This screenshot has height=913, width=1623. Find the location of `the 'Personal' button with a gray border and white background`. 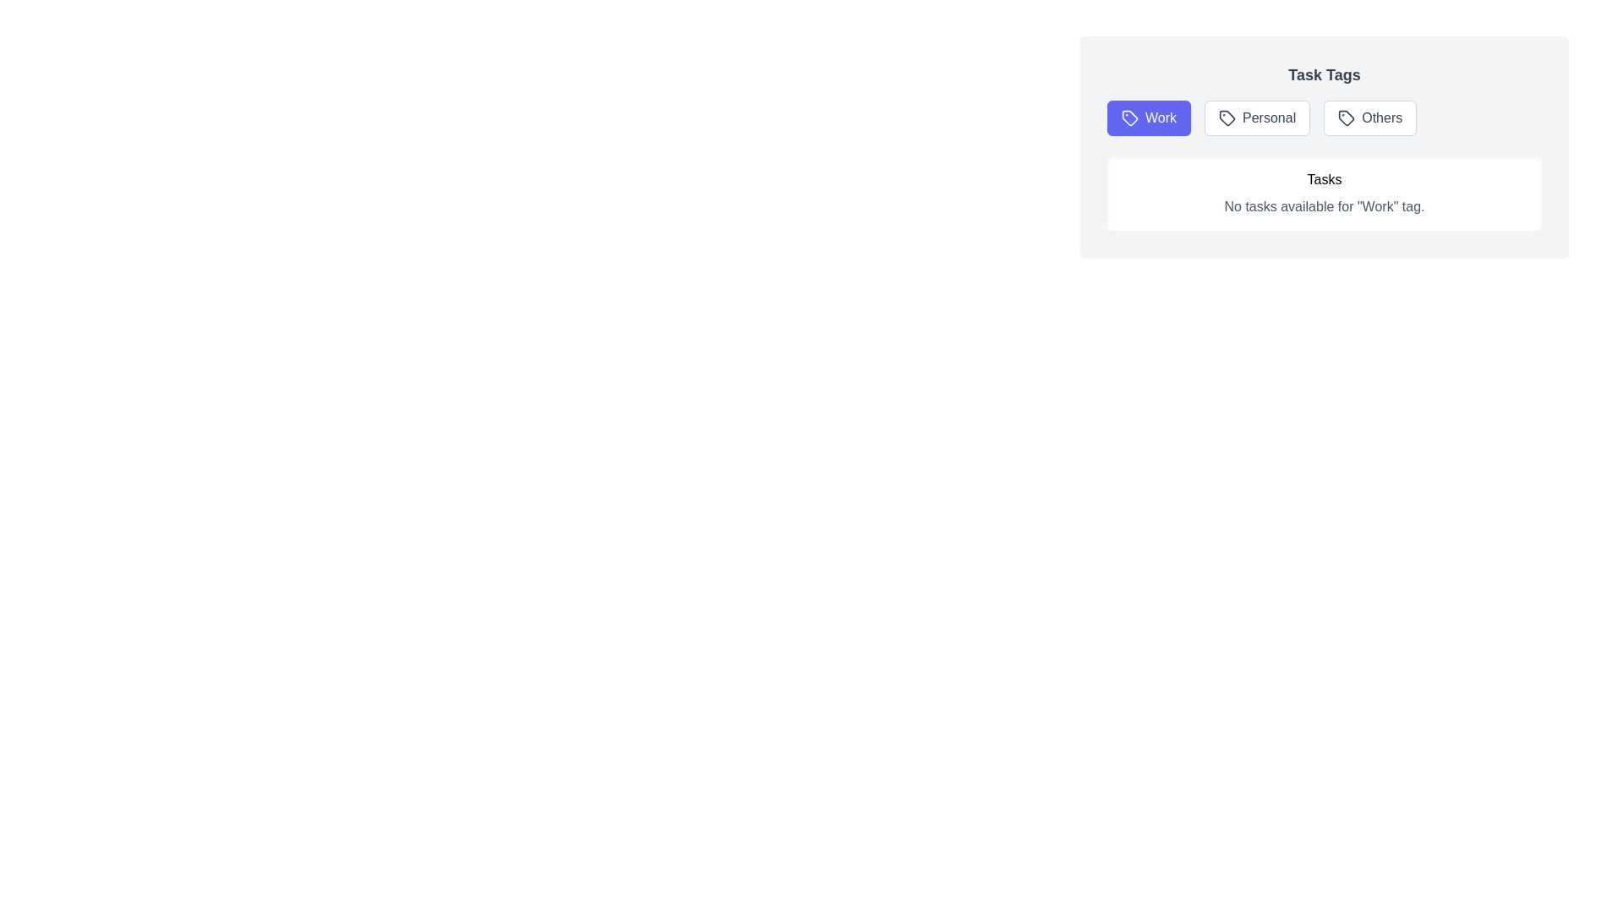

the 'Personal' button with a gray border and white background is located at coordinates (1257, 117).